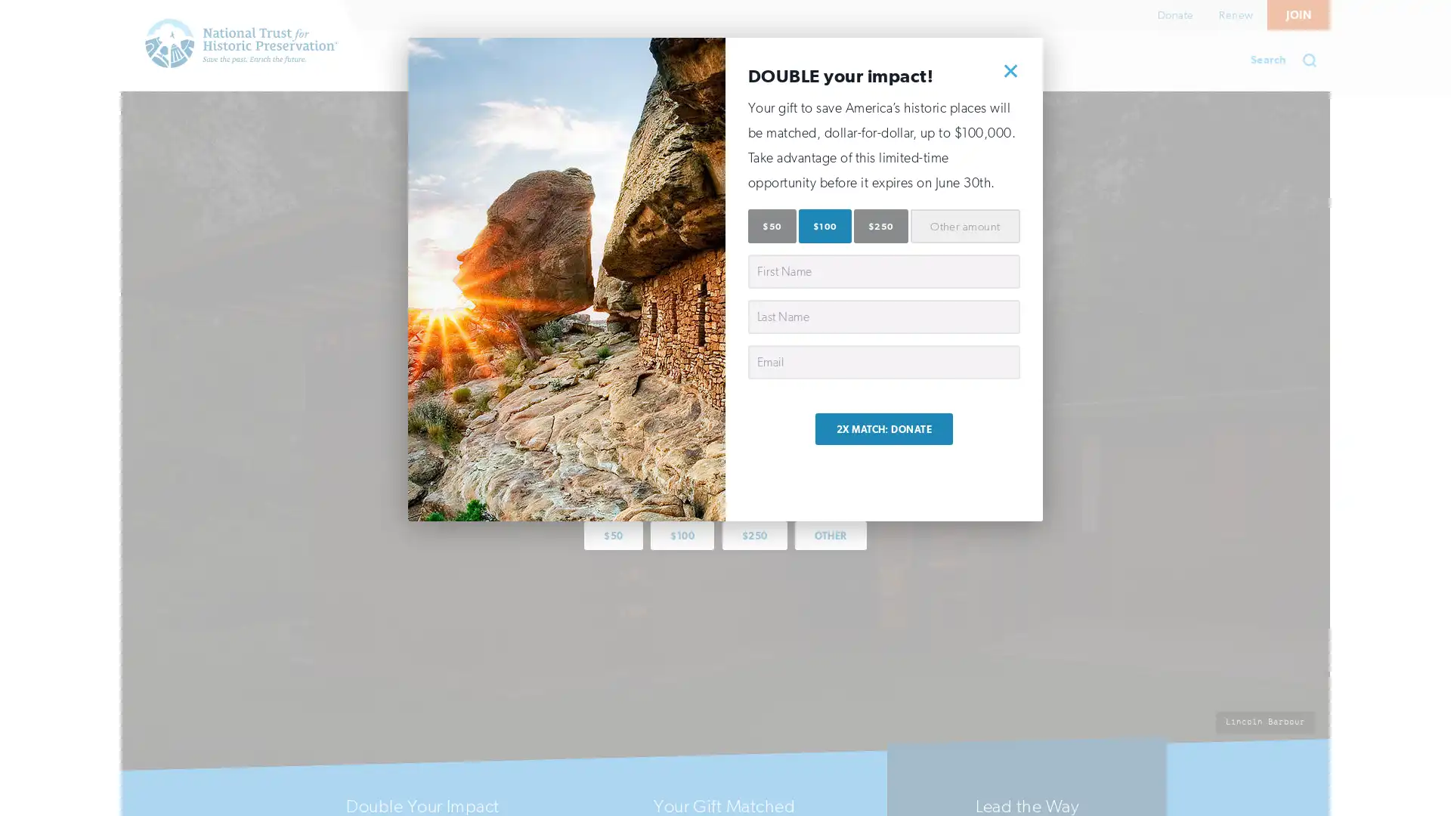 Image resolution: width=1451 pixels, height=816 pixels. What do you see at coordinates (852, 60) in the screenshot?
I see `Open Support section of the nav` at bounding box center [852, 60].